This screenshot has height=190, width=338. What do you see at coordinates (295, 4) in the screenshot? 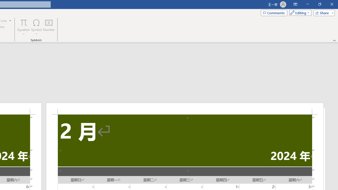
I see `'Ribbon Display Options'` at bounding box center [295, 4].